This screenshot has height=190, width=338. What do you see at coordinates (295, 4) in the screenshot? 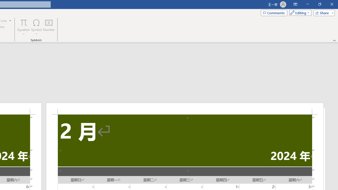
I see `'Ribbon Display Options'` at bounding box center [295, 4].